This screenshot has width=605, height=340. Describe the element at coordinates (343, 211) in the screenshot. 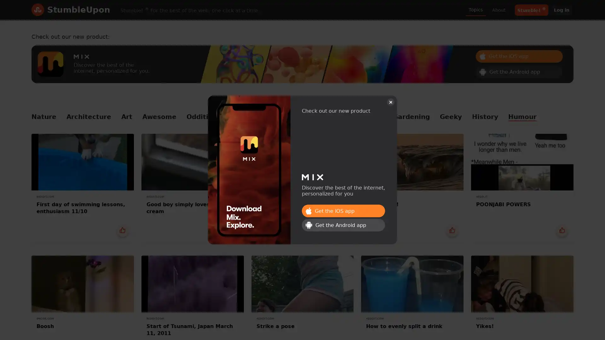

I see `Header Image 1 Get the iOS app` at that location.